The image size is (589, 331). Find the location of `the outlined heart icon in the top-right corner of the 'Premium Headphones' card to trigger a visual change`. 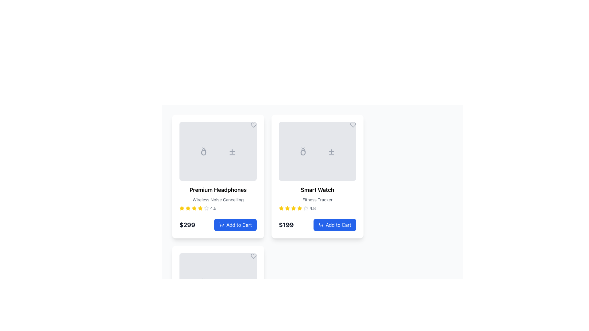

the outlined heart icon in the top-right corner of the 'Premium Headphones' card to trigger a visual change is located at coordinates (253, 125).